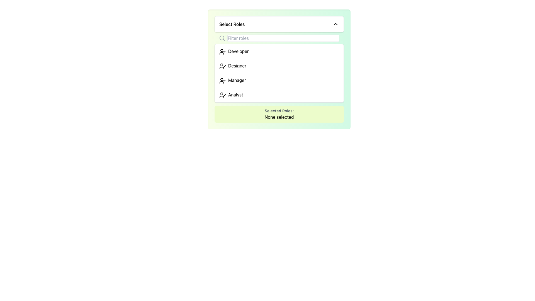 The height and width of the screenshot is (301, 535). What do you see at coordinates (233, 65) in the screenshot?
I see `the 'Designer' text label, which is located next to a user icon with a checkmark in a dropdown menu of role options` at bounding box center [233, 65].